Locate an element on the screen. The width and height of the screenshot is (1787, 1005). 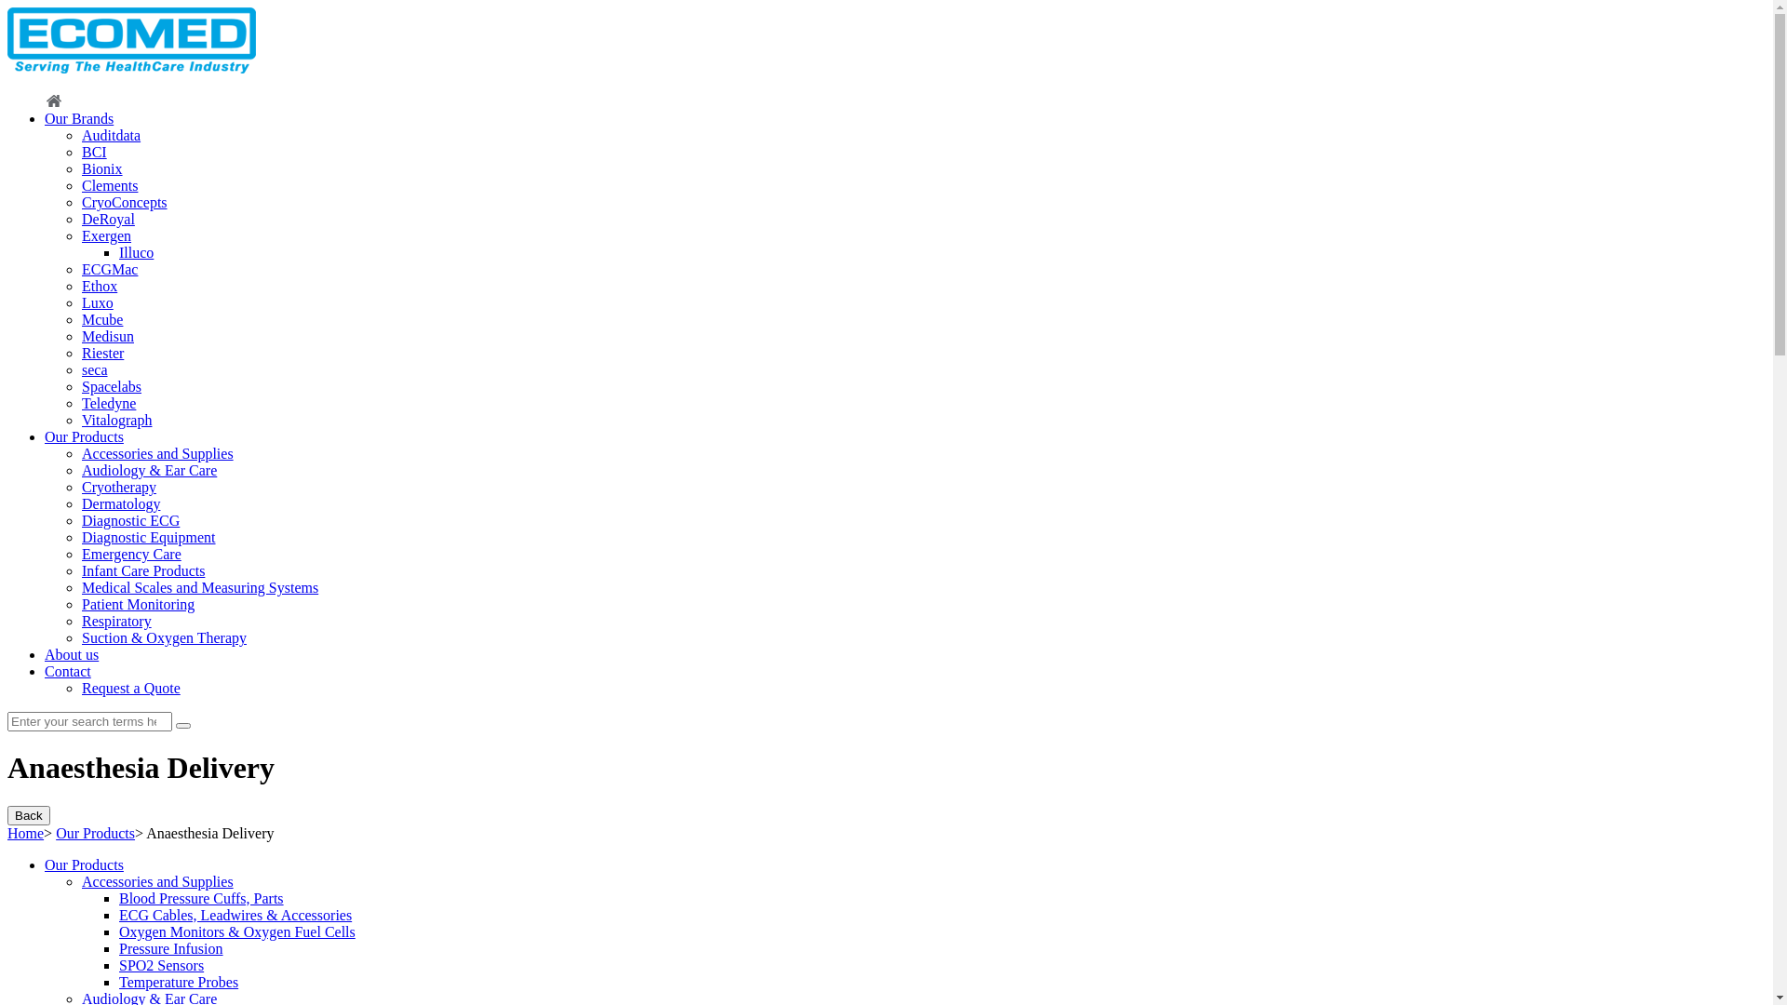
'Oxygen Monitors & Oxygen Fuel Cells' is located at coordinates (118, 931).